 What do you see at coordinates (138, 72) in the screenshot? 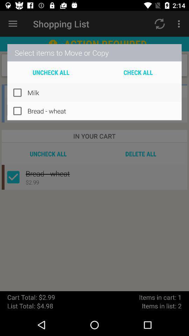
I see `item next to uncheck all icon` at bounding box center [138, 72].